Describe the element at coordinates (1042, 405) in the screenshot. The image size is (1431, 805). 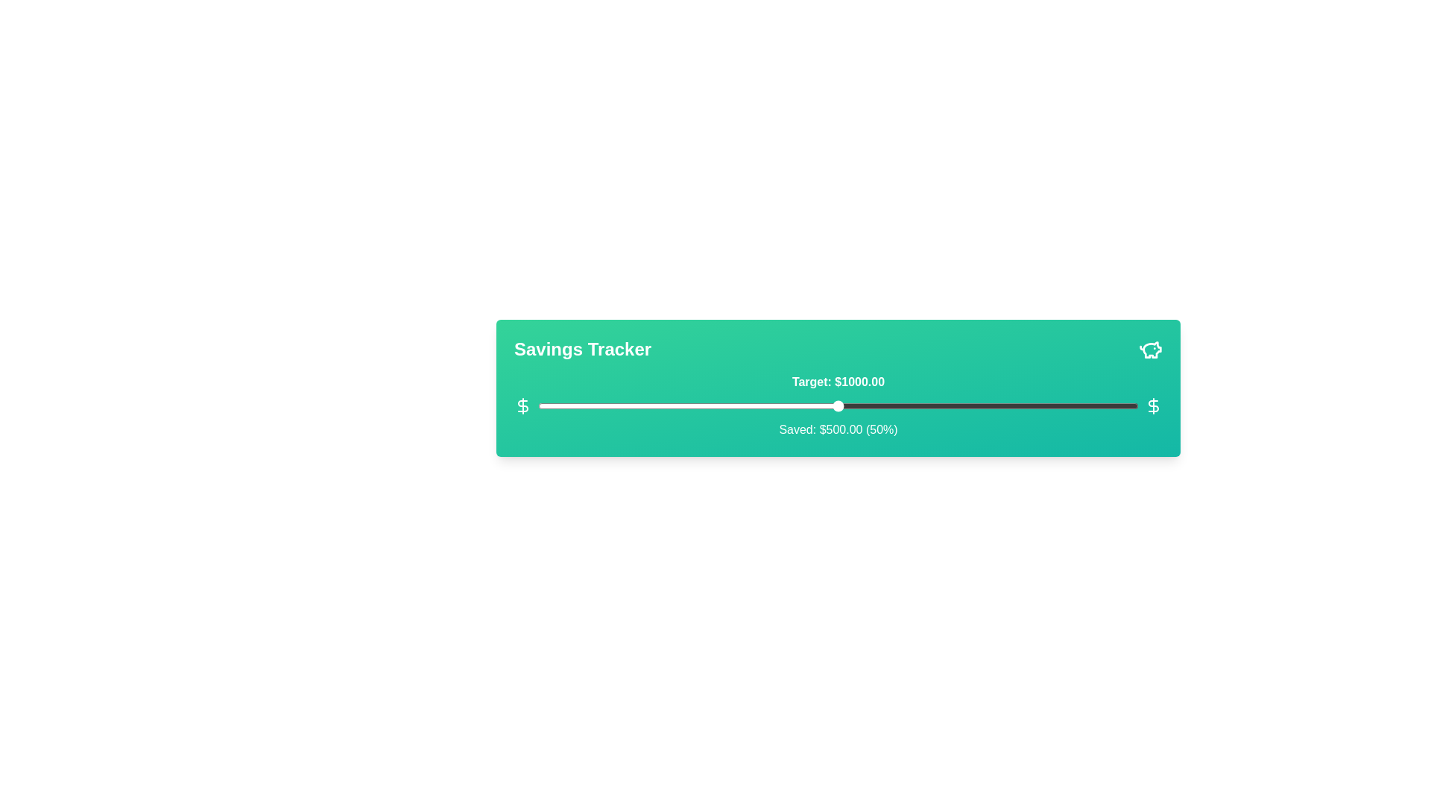
I see `the savings tracker` at that location.